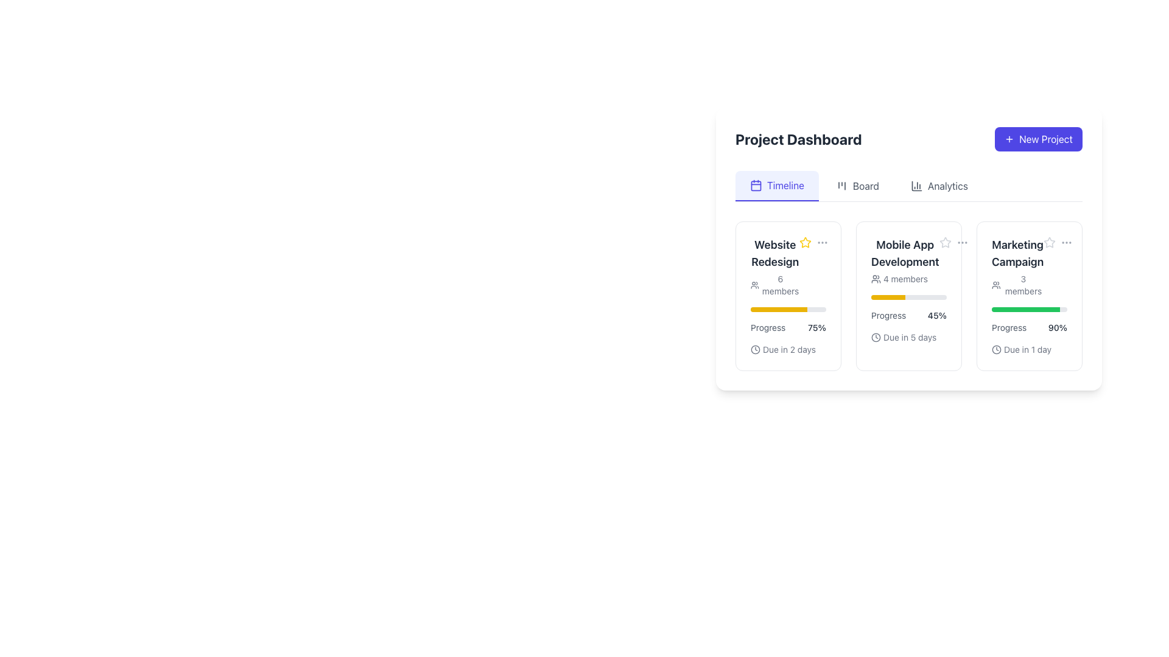 Image resolution: width=1169 pixels, height=657 pixels. What do you see at coordinates (996, 285) in the screenshot?
I see `the icon representing two human figures, which is located in the 'Marketing Campaign' section of the project dashboard, positioned to the left of '3 members' and above the progress bar` at bounding box center [996, 285].